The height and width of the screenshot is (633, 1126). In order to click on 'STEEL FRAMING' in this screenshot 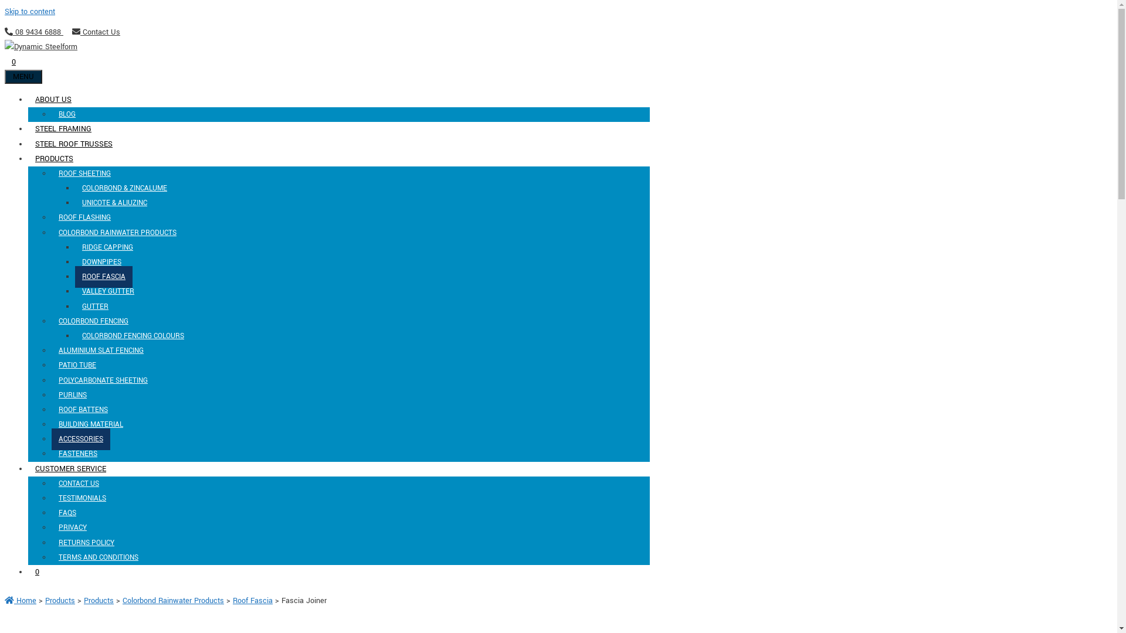, I will do `click(62, 128)`.